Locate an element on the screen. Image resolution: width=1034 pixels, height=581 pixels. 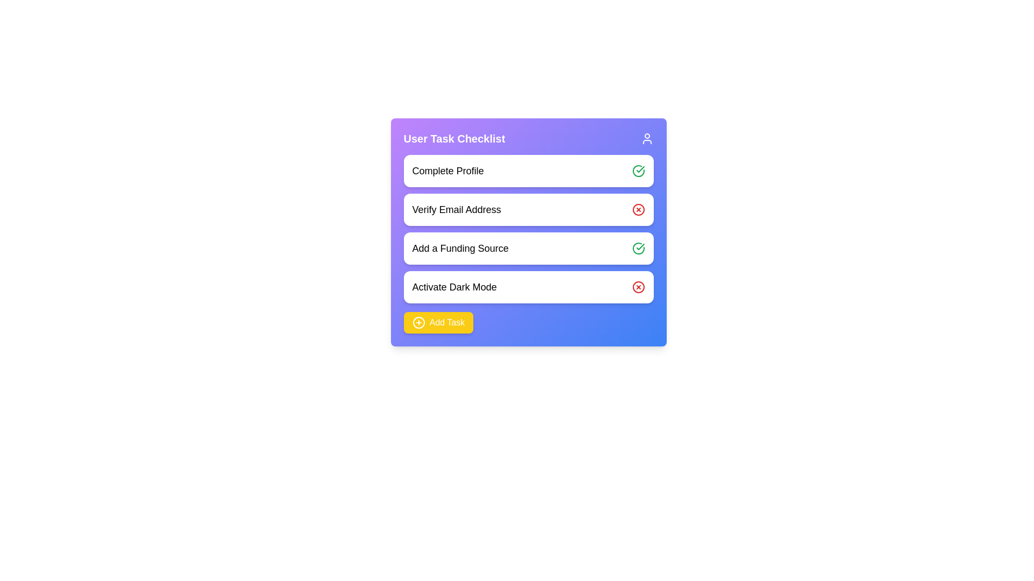
error icon indicating failure or rejection for the 'Verify Email Address' task located towards the right end of the checklist row is located at coordinates (638, 209).